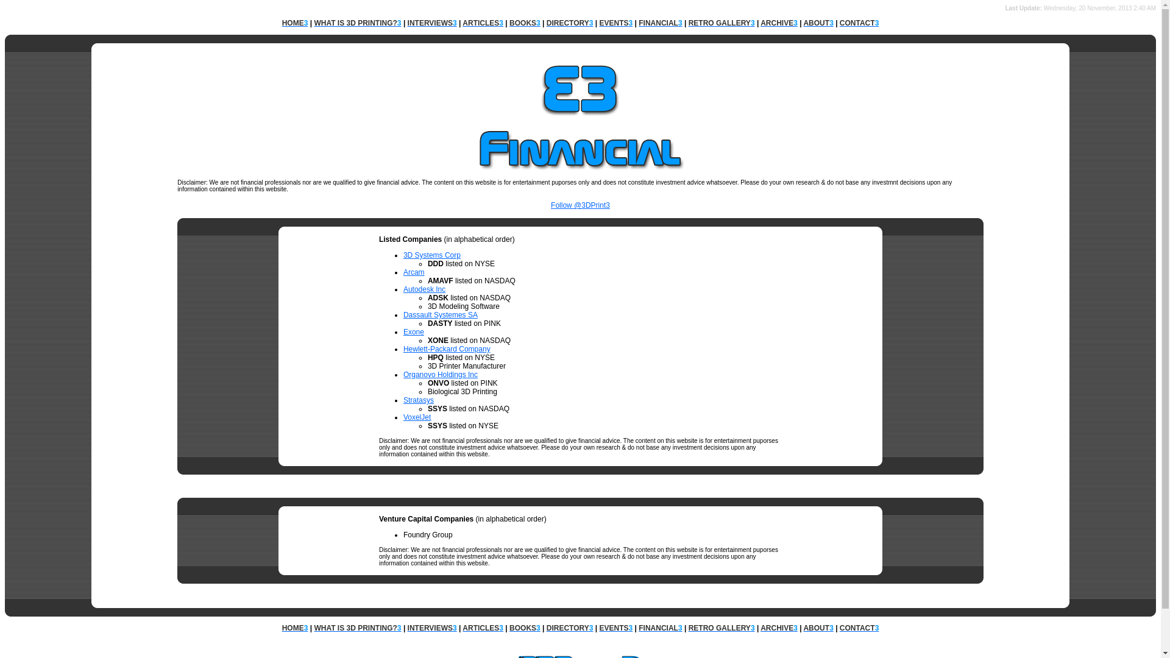 This screenshot has height=658, width=1170. I want to click on 'INTERVIEWS3', so click(432, 628).